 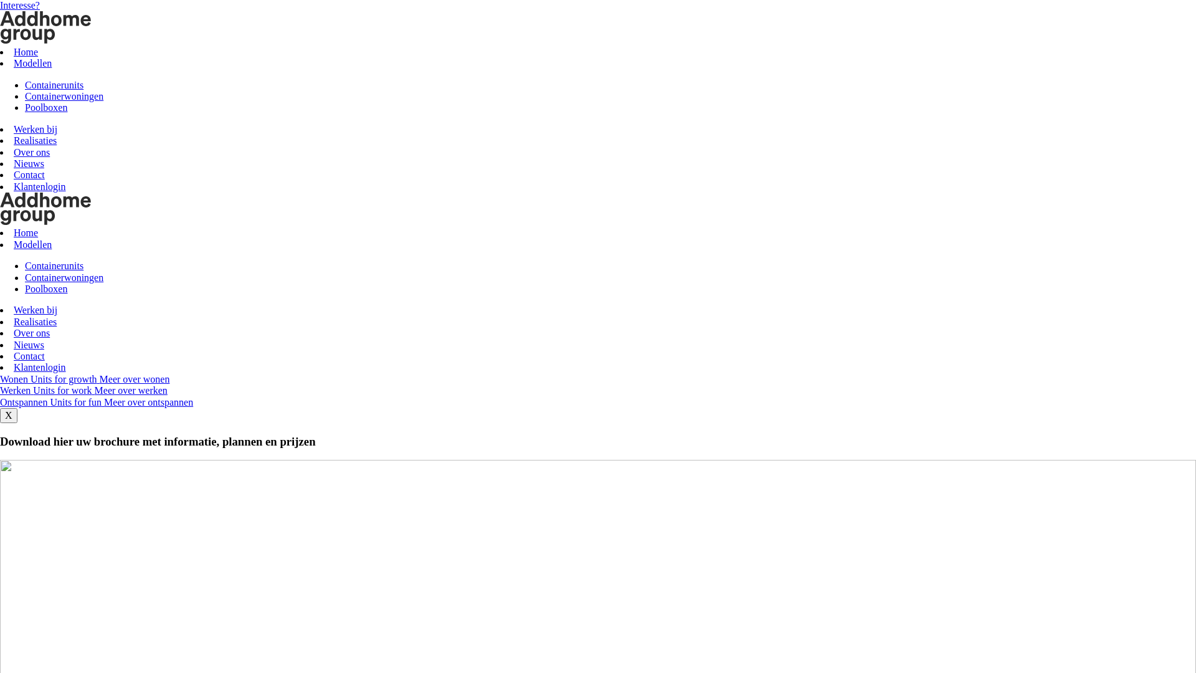 What do you see at coordinates (29, 174) in the screenshot?
I see `'Contact'` at bounding box center [29, 174].